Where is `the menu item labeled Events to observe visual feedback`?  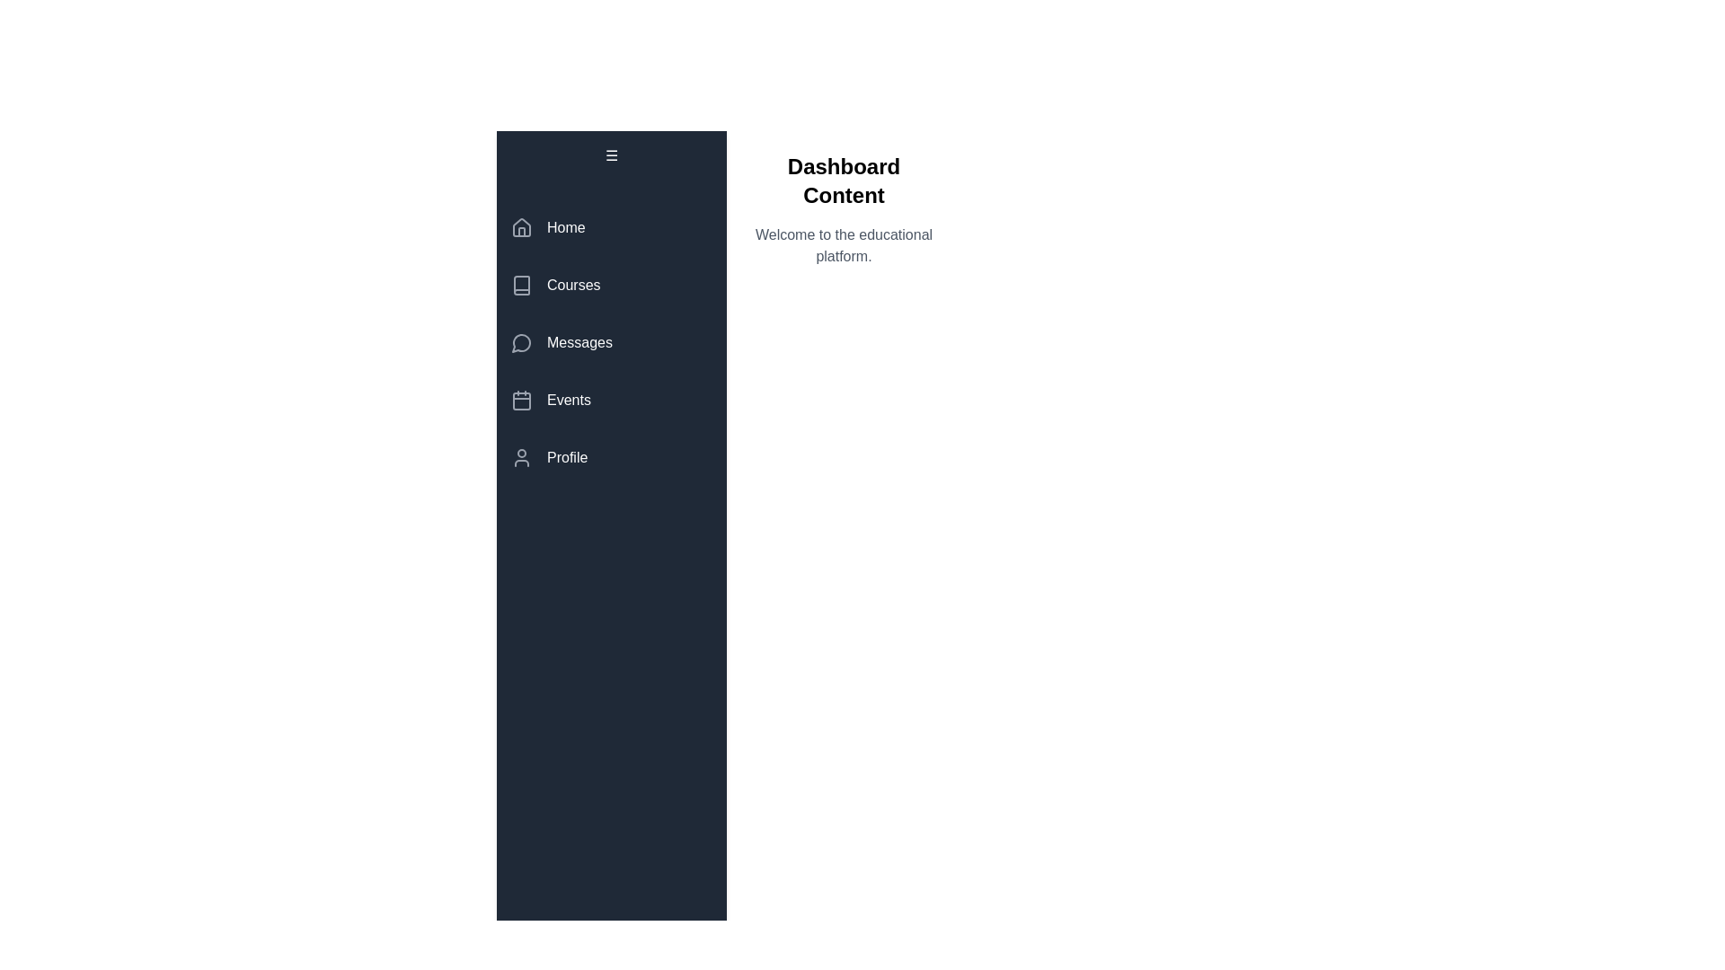 the menu item labeled Events to observe visual feedback is located at coordinates (612, 400).